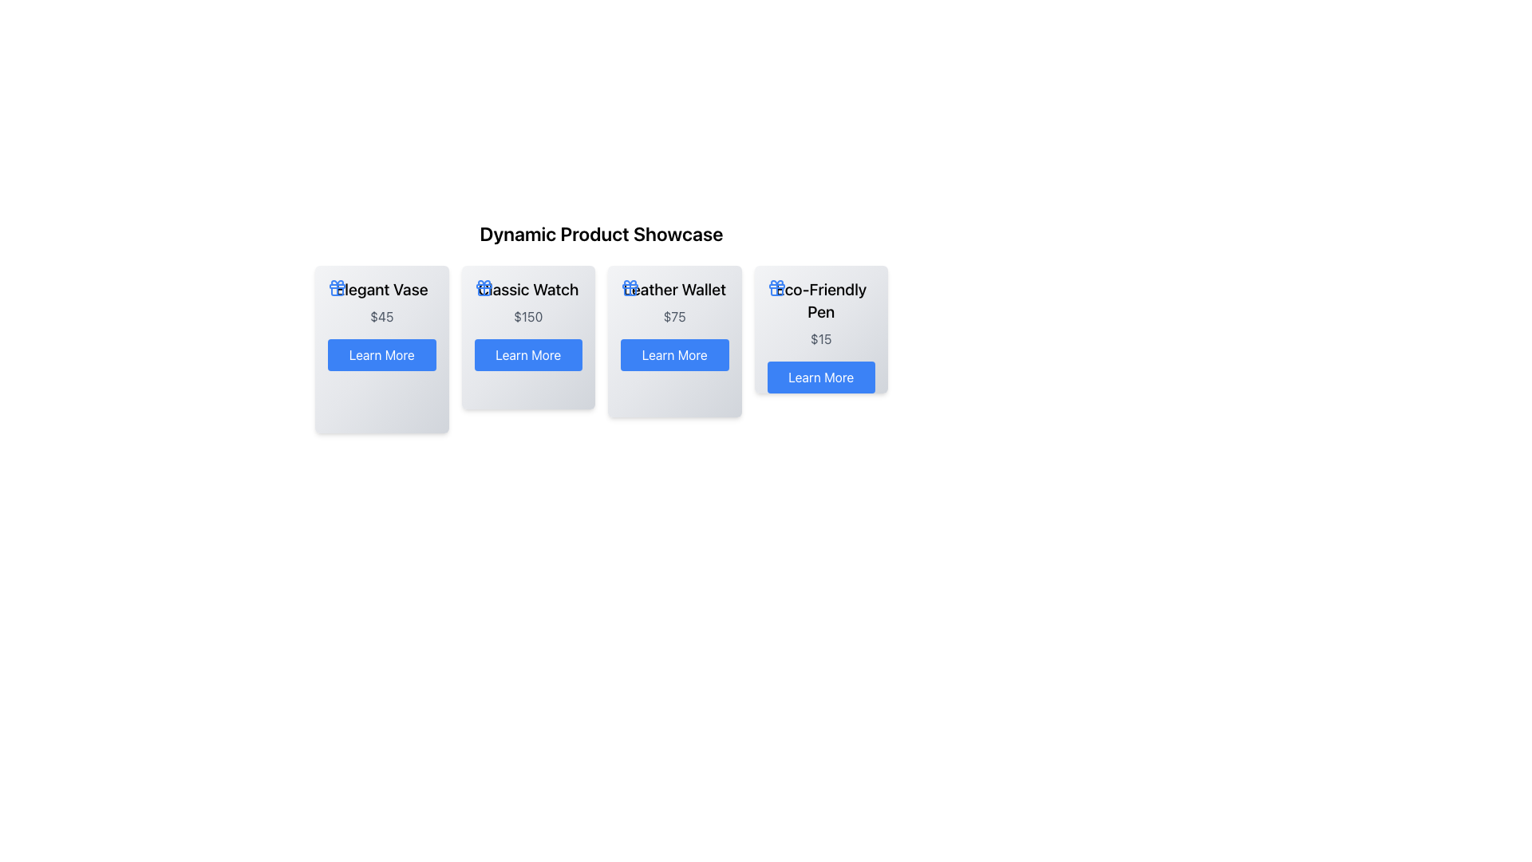 The height and width of the screenshot is (862, 1532). I want to click on the price label of the 'Eco-Friendly Pen' product, which is located below the product title and above the 'Learn More' button within its product card, so click(821, 338).